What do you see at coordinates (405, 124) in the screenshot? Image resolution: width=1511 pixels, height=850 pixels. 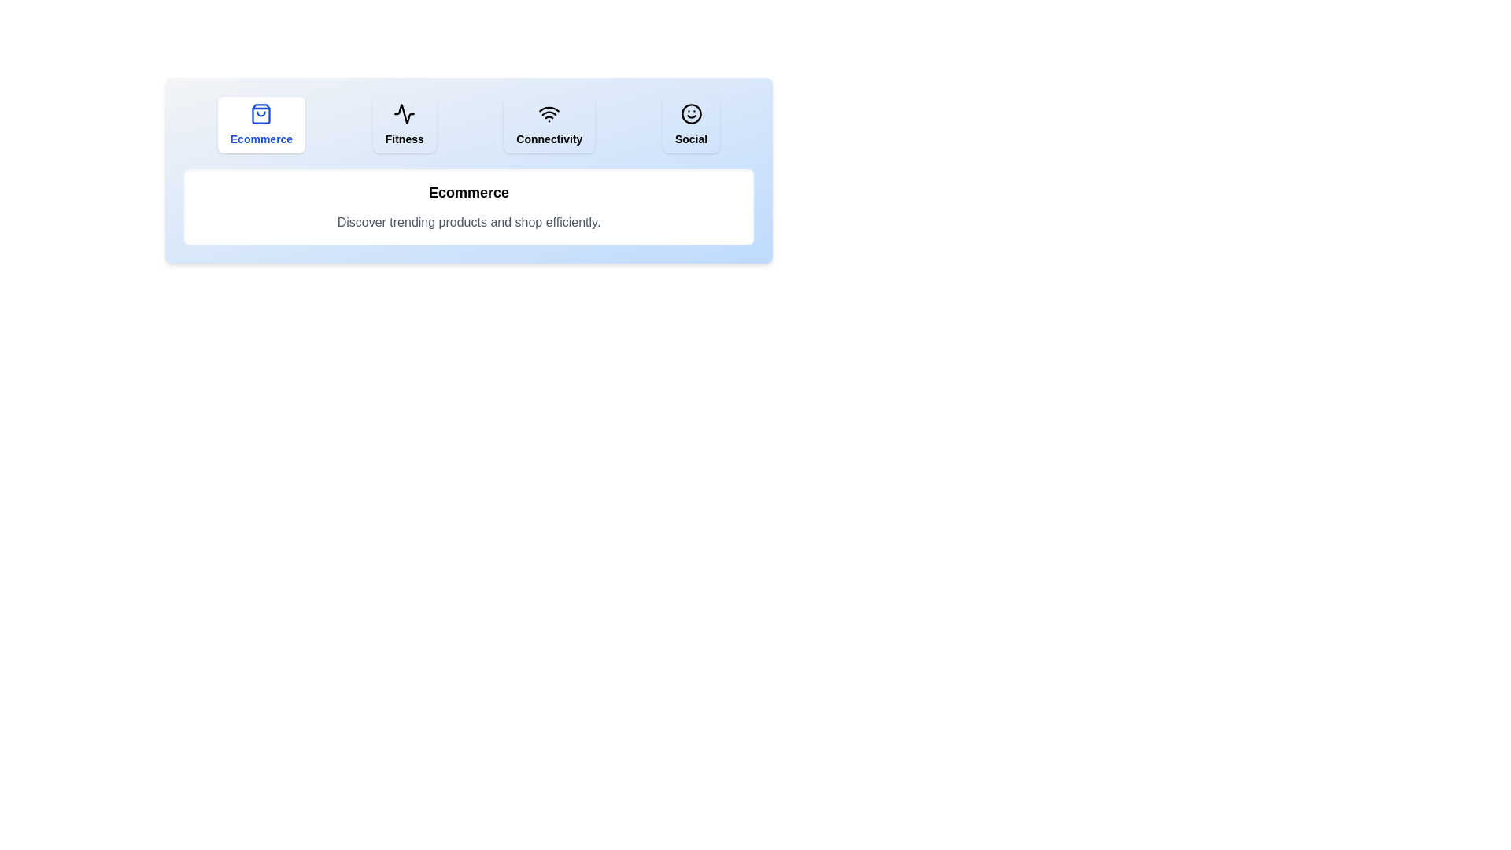 I see `the tab labeled Fitness to observe its hover effect` at bounding box center [405, 124].